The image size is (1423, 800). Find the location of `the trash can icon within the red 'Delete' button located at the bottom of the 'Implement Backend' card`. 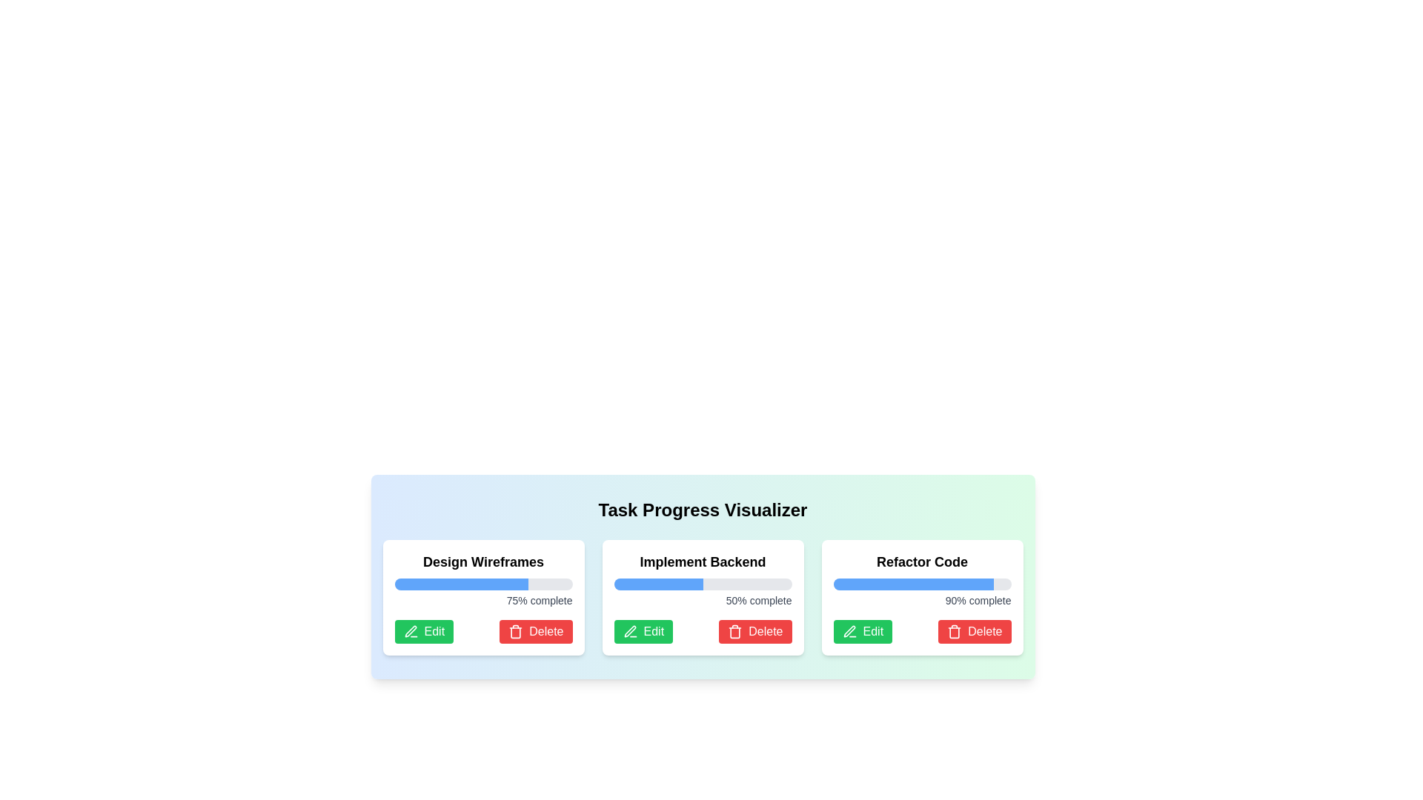

the trash can icon within the red 'Delete' button located at the bottom of the 'Implement Backend' card is located at coordinates (735, 631).